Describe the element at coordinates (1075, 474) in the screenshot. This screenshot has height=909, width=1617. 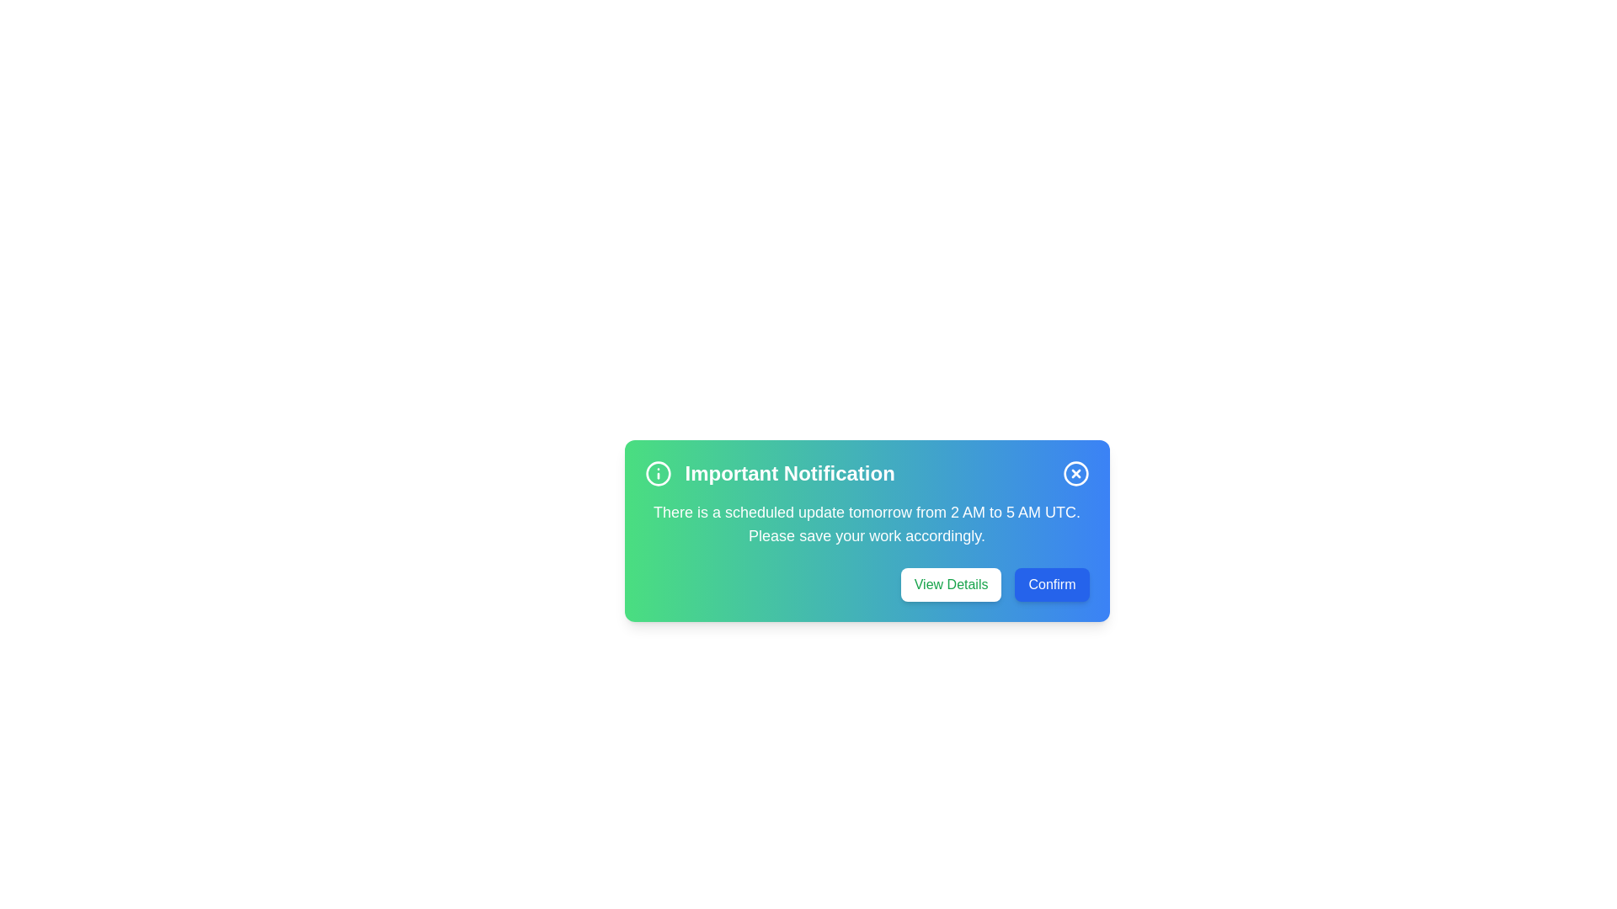
I see `the button labeled Close to observe its hover effect` at that location.